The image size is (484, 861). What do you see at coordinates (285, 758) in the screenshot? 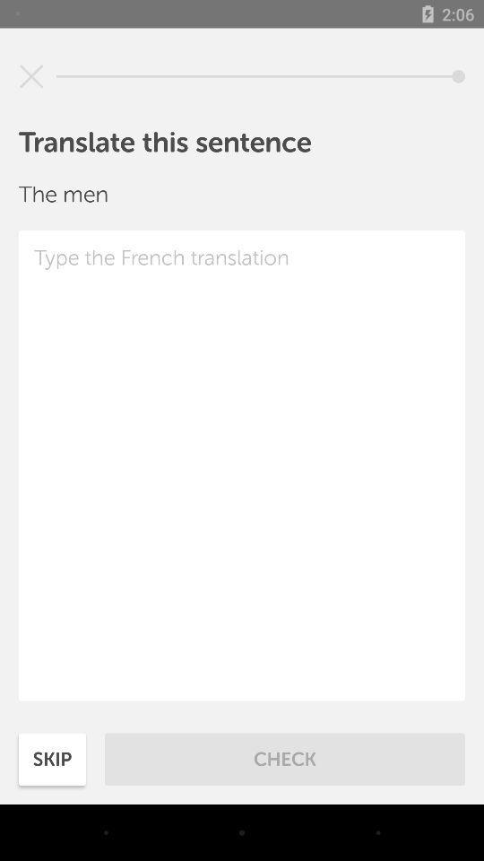
I see `icon next to the skip item` at bounding box center [285, 758].